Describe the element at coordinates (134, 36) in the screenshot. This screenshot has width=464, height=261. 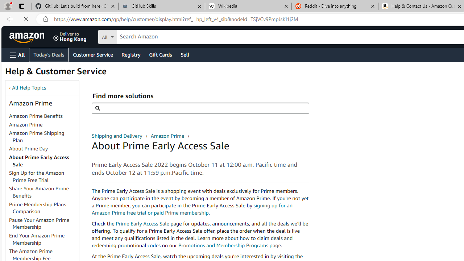
I see `'Search in'` at that location.